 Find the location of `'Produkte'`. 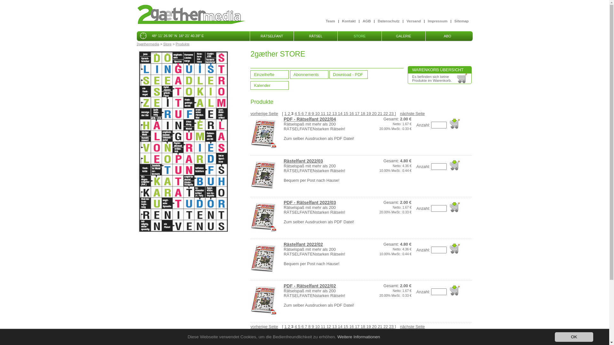

'Produkte' is located at coordinates (175, 44).